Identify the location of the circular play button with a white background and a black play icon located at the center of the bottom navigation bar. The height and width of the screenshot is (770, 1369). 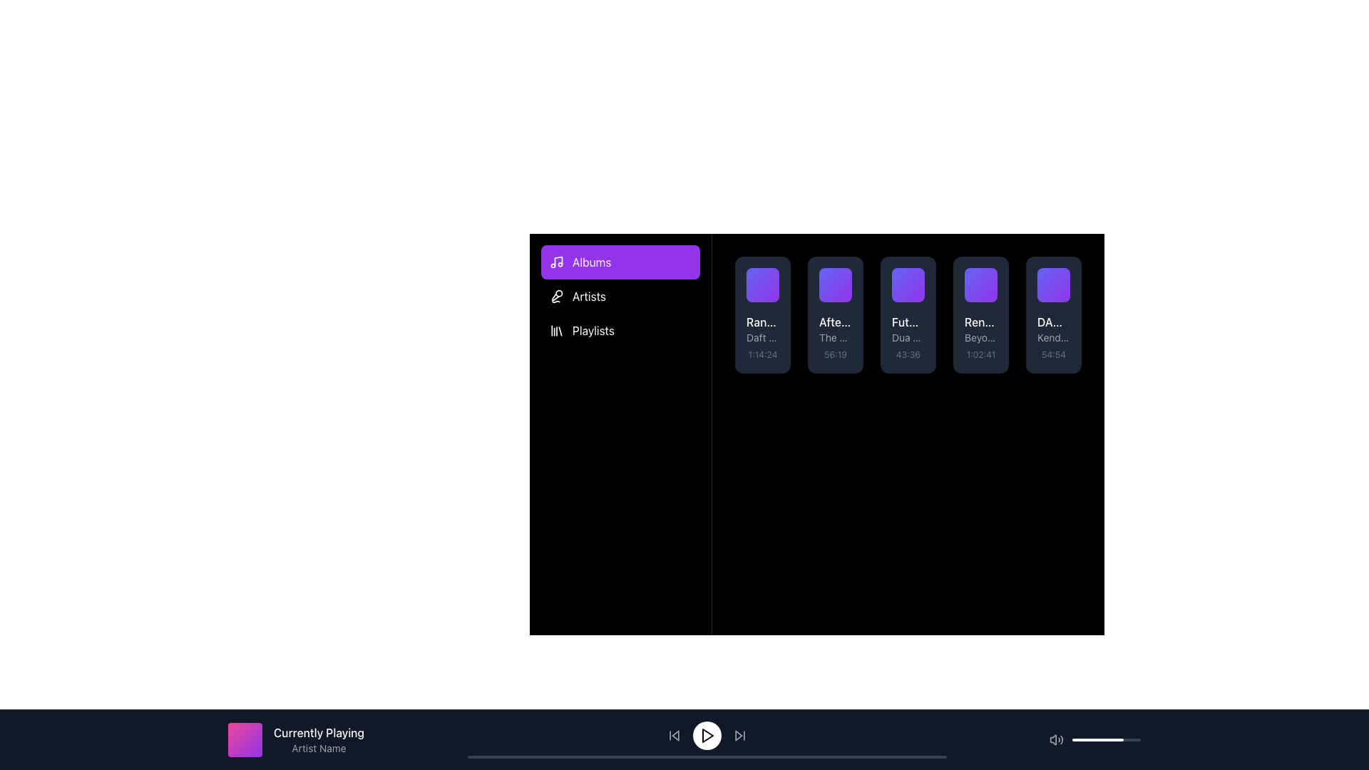
(707, 736).